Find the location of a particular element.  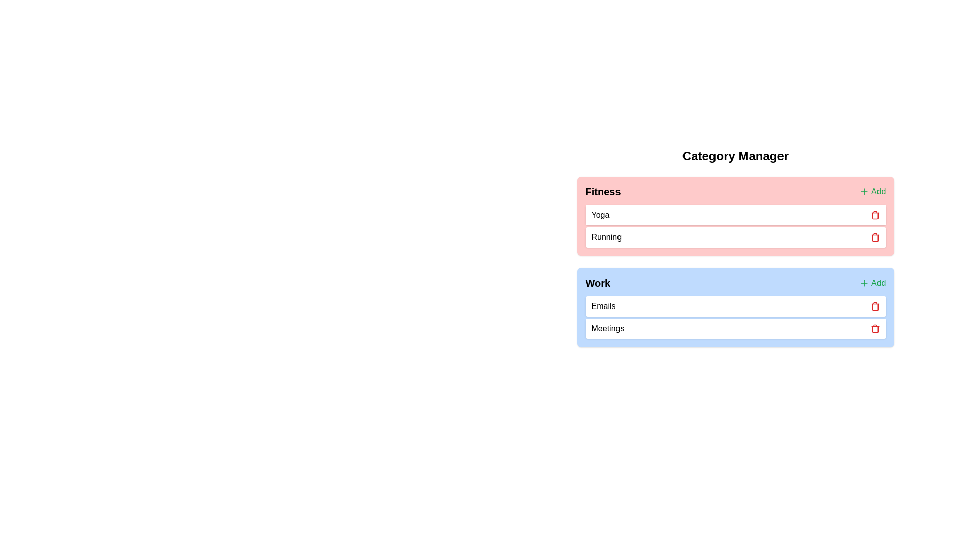

trash icon next to the chip labeled Meetings in the category labeled Work is located at coordinates (874, 329).